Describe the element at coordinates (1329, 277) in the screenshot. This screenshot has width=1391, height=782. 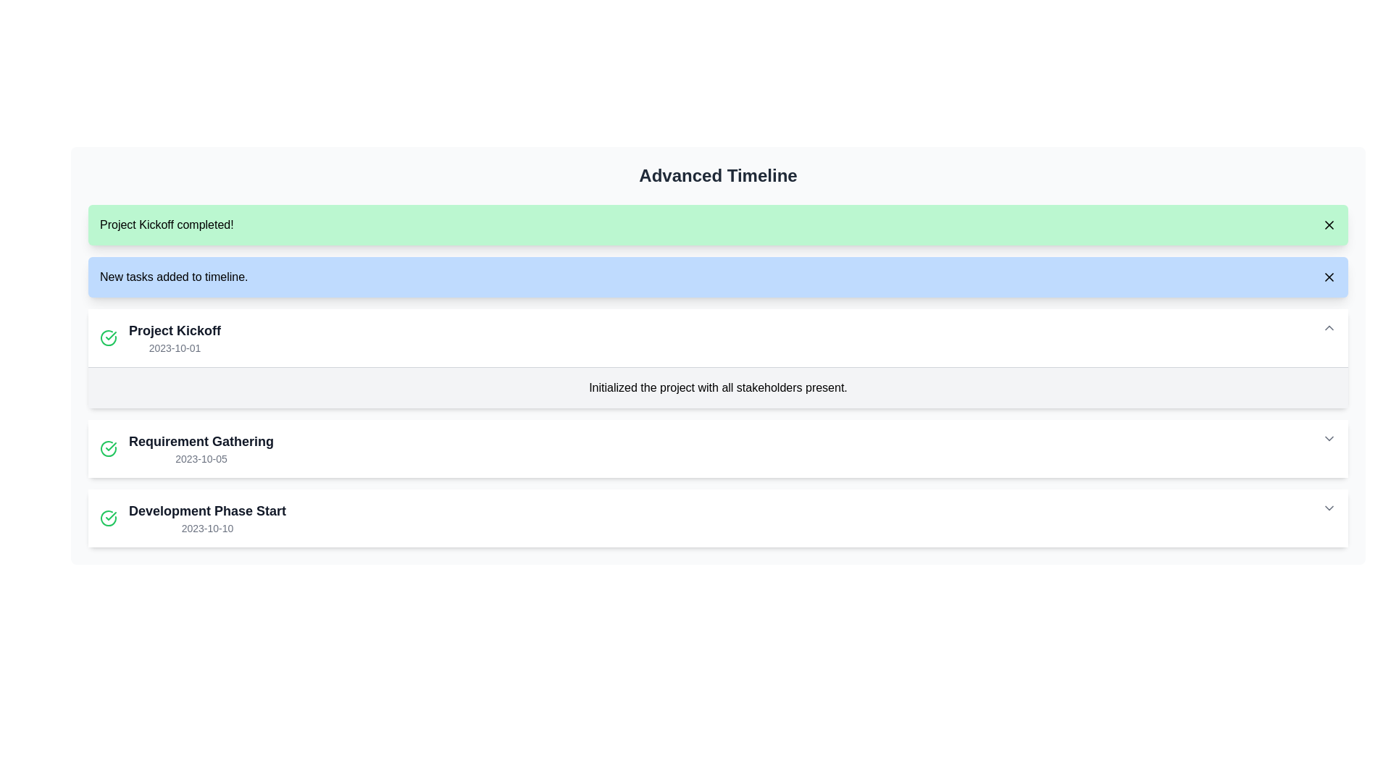
I see `the close button located at the top-right corner of the notification box labeled 'New tasks added to timeline.'` at that location.